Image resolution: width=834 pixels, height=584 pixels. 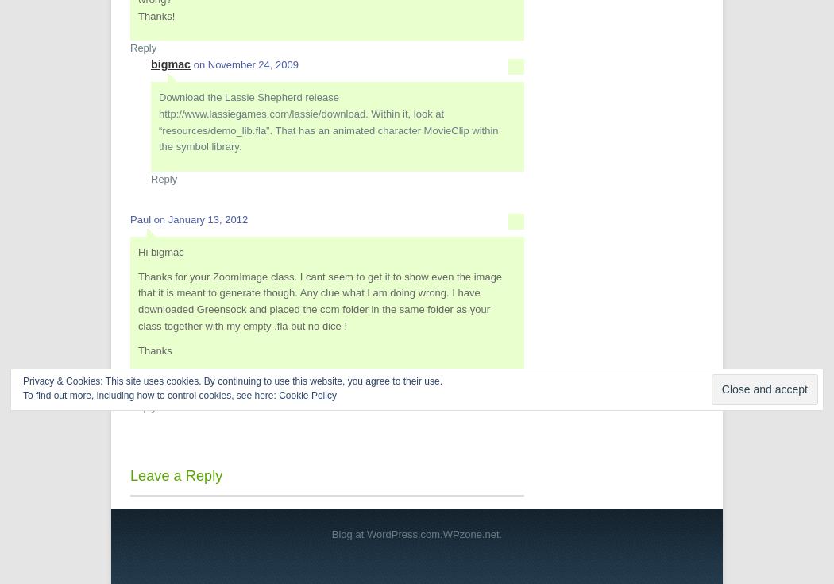 What do you see at coordinates (22, 396) in the screenshot?
I see `'To find out more, including how to control cookies, see here:'` at bounding box center [22, 396].